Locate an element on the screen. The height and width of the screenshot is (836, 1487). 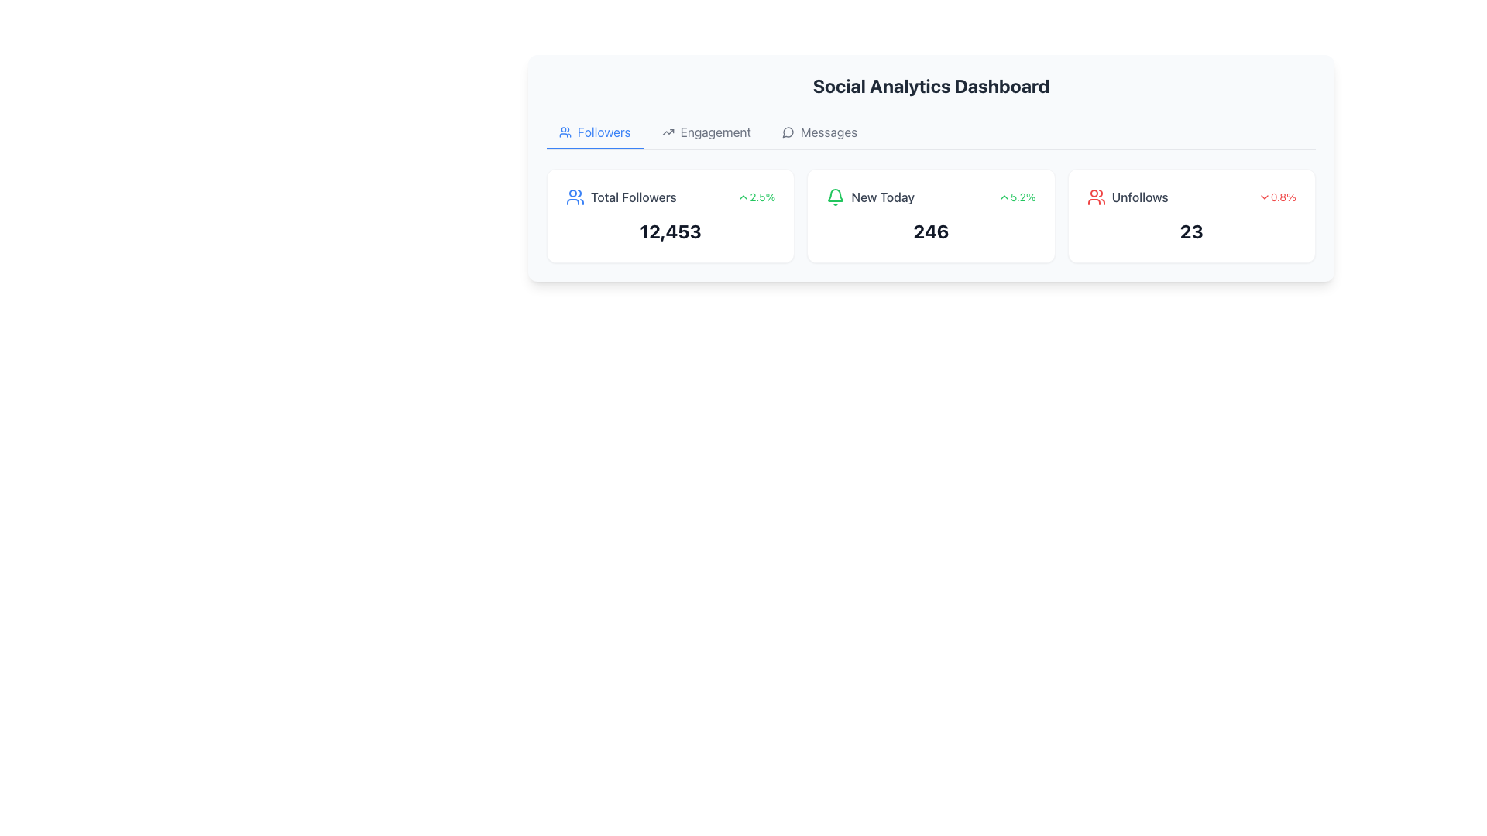
the green percentage text displaying '2.5%' located to the right of the 'Total Followers' title is located at coordinates (762, 196).